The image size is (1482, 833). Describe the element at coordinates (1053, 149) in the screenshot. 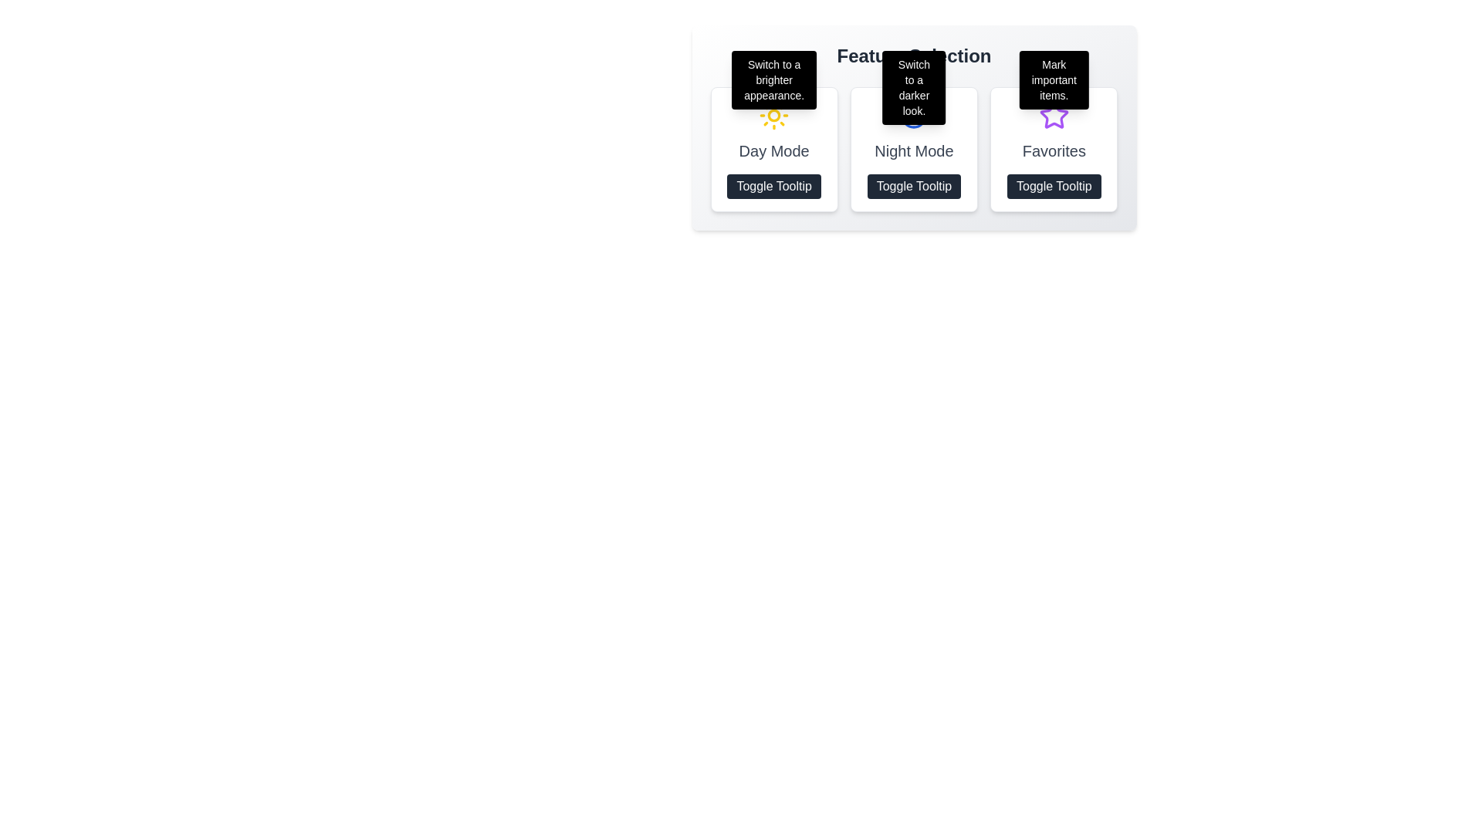

I see `the 'Toggle Tooltip' button located in the panel for marking important items, positioned to the far right of the interface` at that location.